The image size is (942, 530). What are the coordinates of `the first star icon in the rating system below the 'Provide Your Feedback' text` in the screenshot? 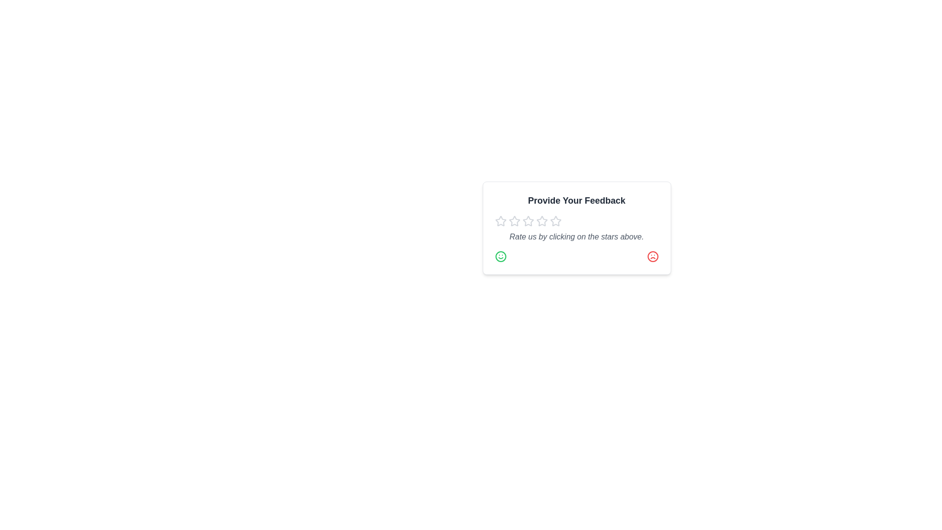 It's located at (500, 221).